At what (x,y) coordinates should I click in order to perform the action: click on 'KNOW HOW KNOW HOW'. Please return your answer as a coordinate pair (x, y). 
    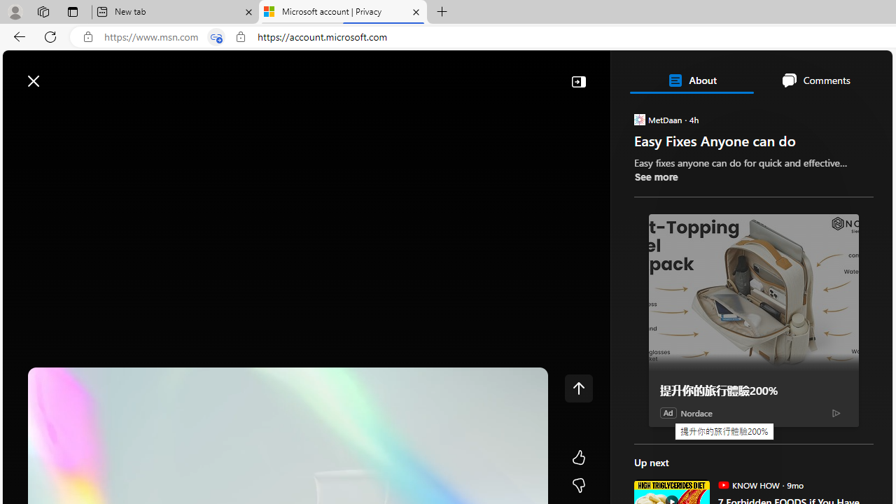
    Looking at the image, I should click on (748, 484).